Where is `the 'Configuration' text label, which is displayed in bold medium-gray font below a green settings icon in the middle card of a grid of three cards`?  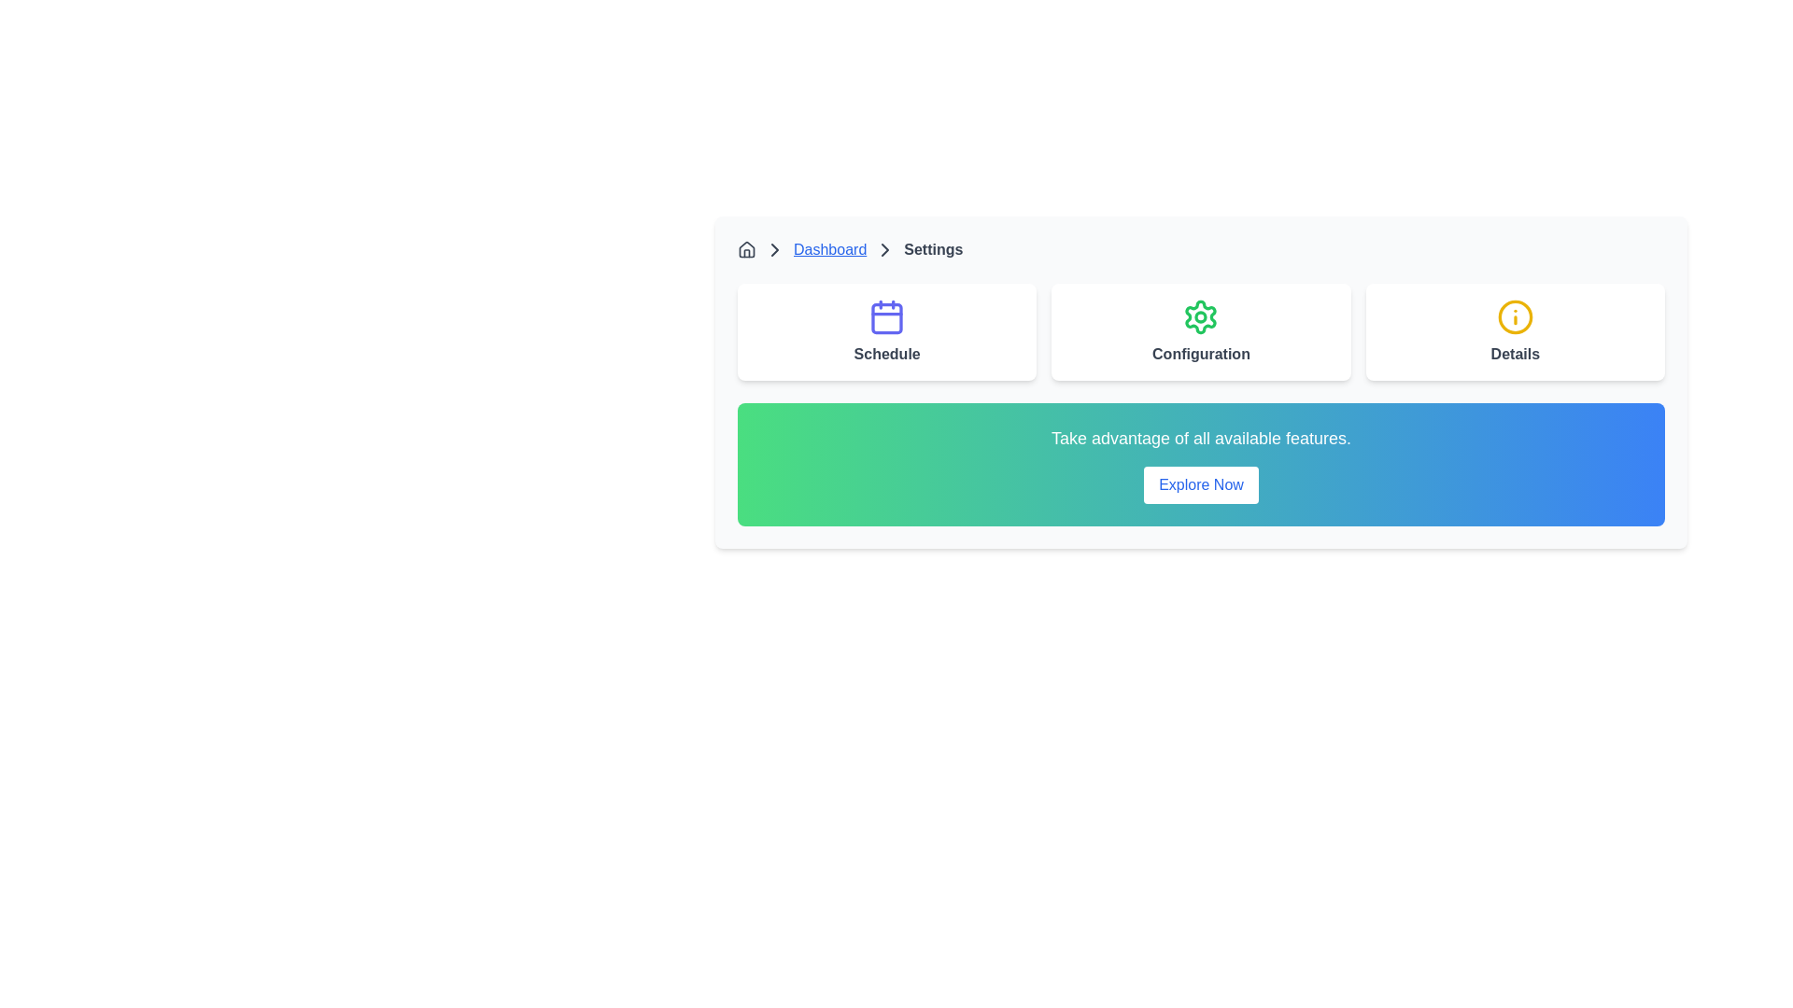
the 'Configuration' text label, which is displayed in bold medium-gray font below a green settings icon in the middle card of a grid of three cards is located at coordinates (1201, 355).